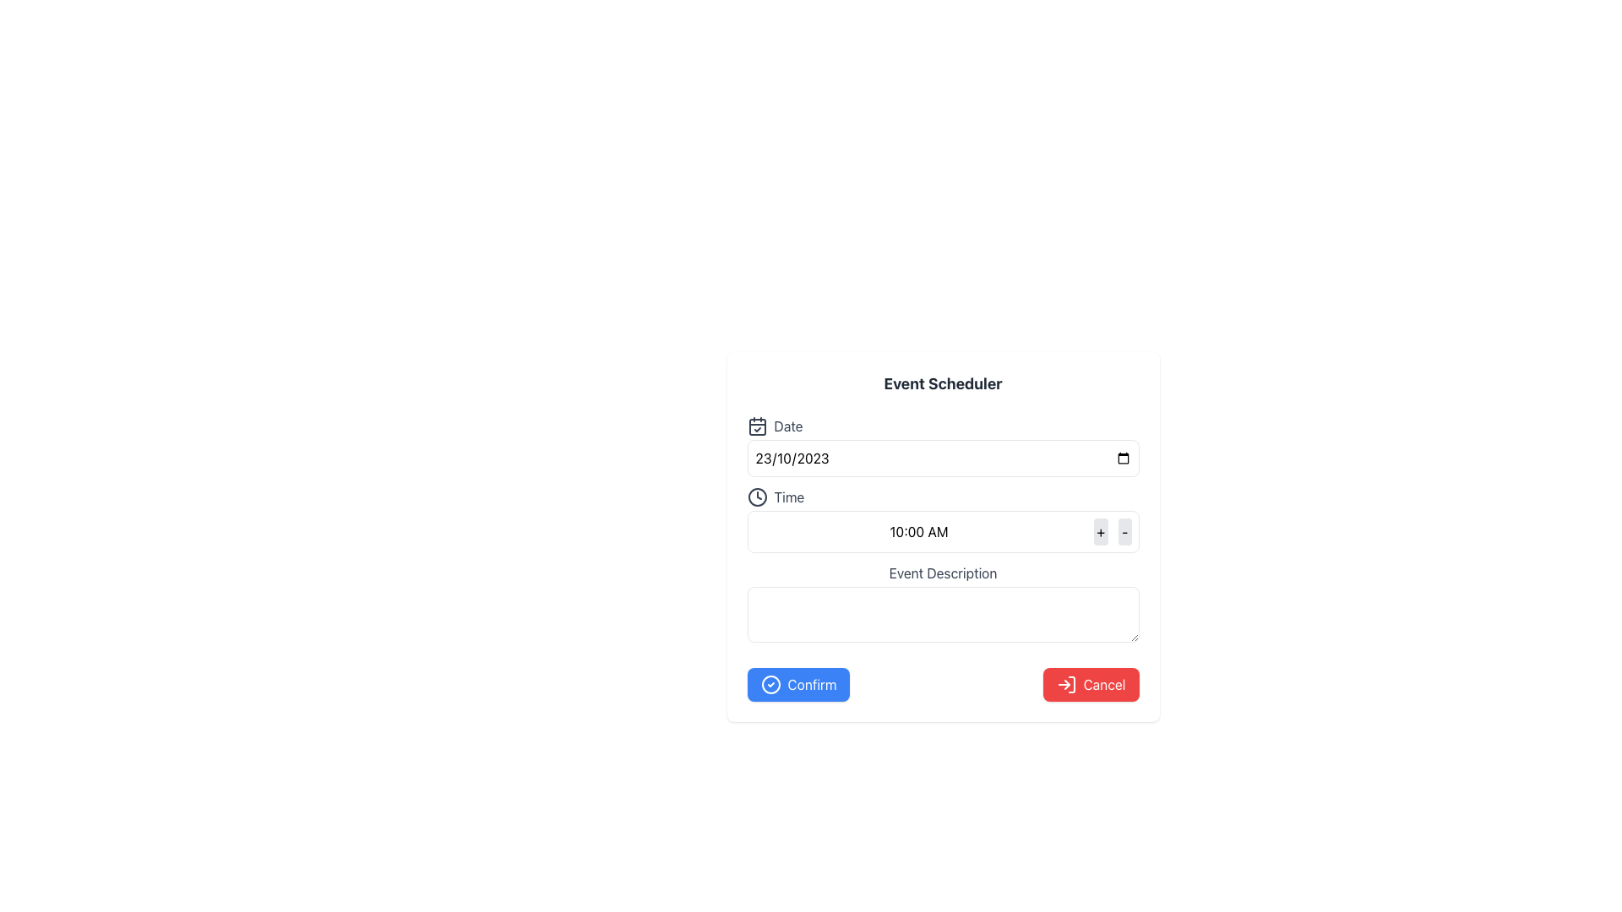  Describe the element at coordinates (1065, 684) in the screenshot. I see `the log-out or cancel icon located to the left of the 'Cancel' label in the red button at the bottom-right corner of the form` at that location.